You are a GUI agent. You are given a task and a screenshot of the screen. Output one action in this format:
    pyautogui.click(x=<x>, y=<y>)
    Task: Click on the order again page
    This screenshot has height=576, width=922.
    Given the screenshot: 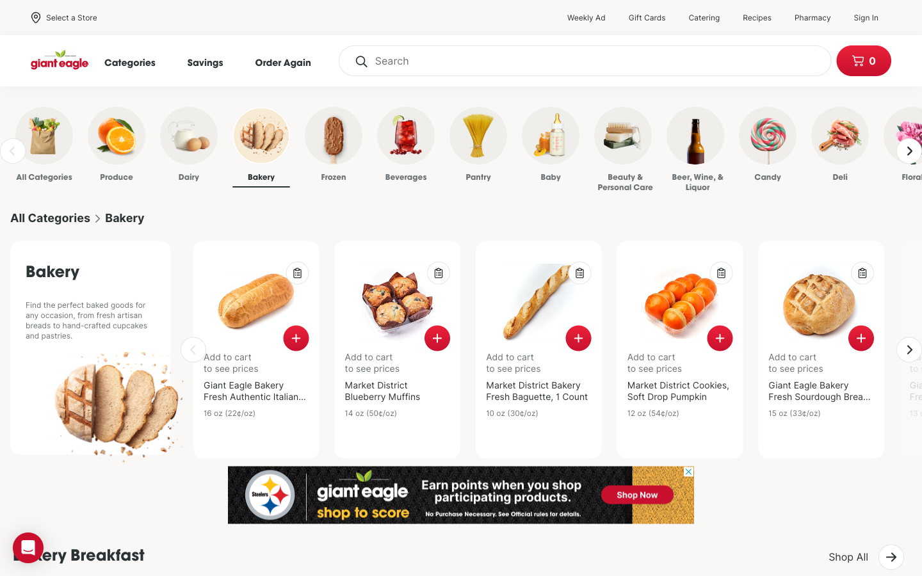 What is the action you would take?
    pyautogui.click(x=289, y=61)
    